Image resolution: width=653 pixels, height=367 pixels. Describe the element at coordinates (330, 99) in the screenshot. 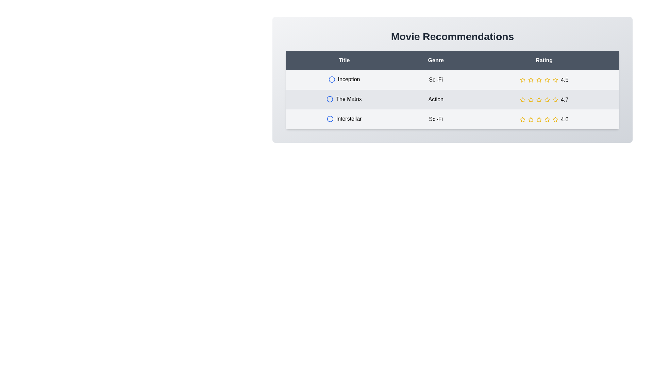

I see `the circle icon next to the movie title The Matrix` at that location.